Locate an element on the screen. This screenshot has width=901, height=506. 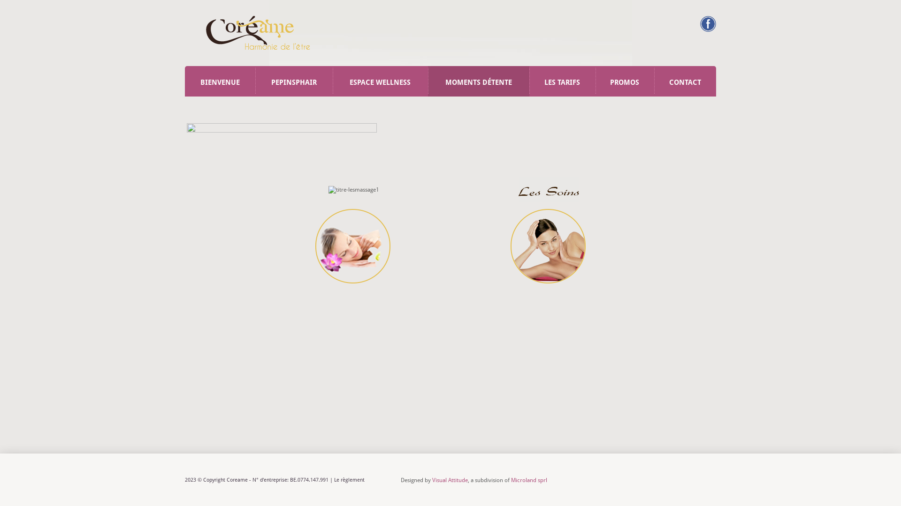
'LES TARIFS' is located at coordinates (562, 81).